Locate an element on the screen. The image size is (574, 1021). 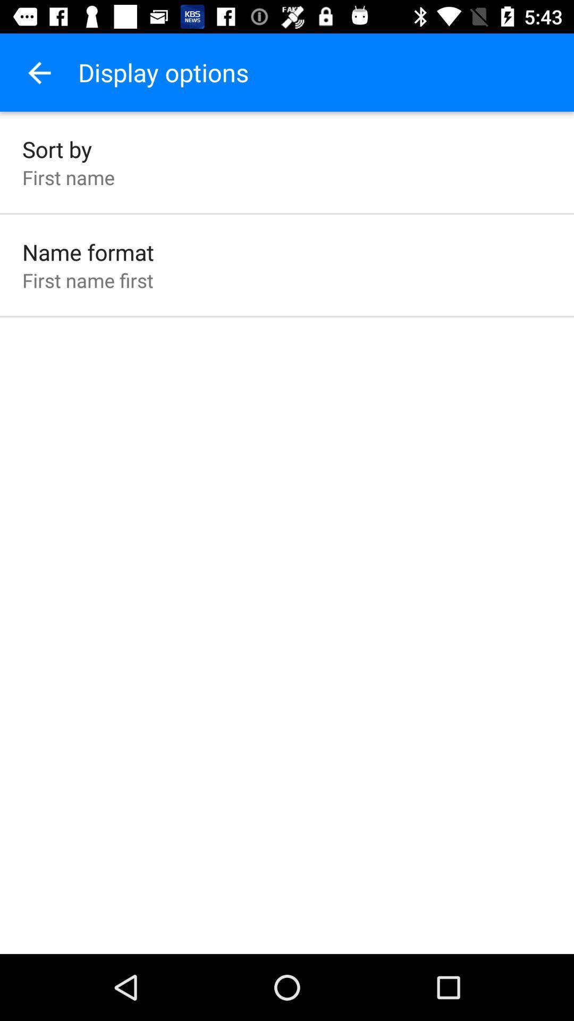
the item above first name first icon is located at coordinates (87, 252).